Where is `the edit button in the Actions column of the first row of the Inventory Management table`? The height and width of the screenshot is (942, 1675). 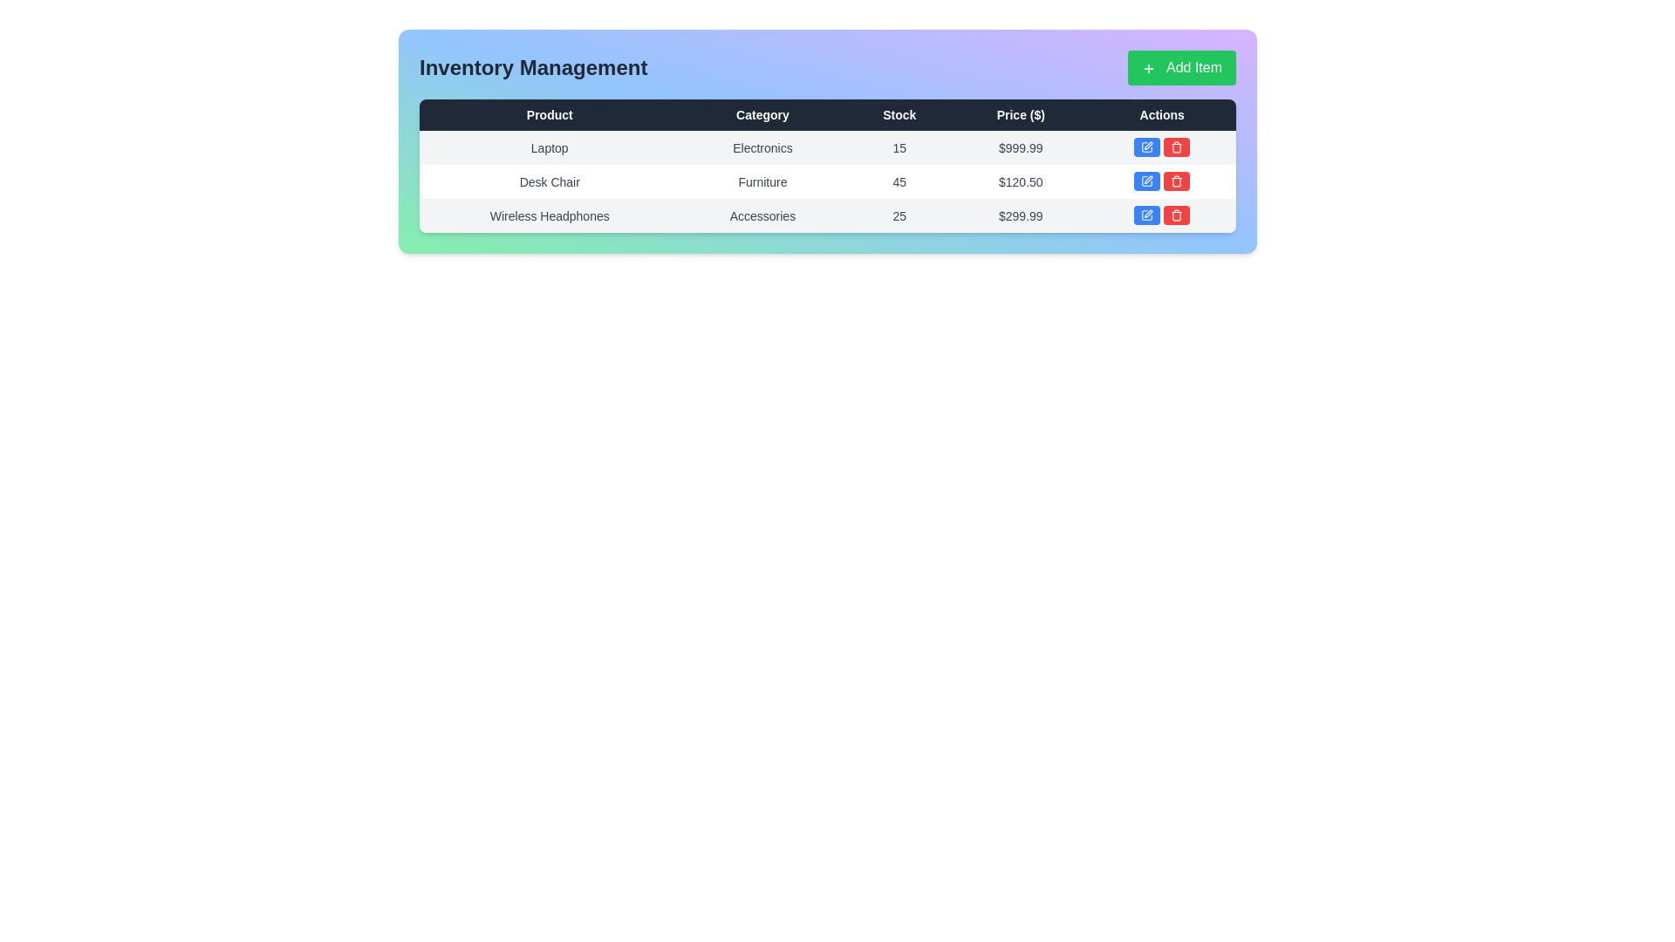 the edit button in the Actions column of the first row of the Inventory Management table is located at coordinates (1147, 147).